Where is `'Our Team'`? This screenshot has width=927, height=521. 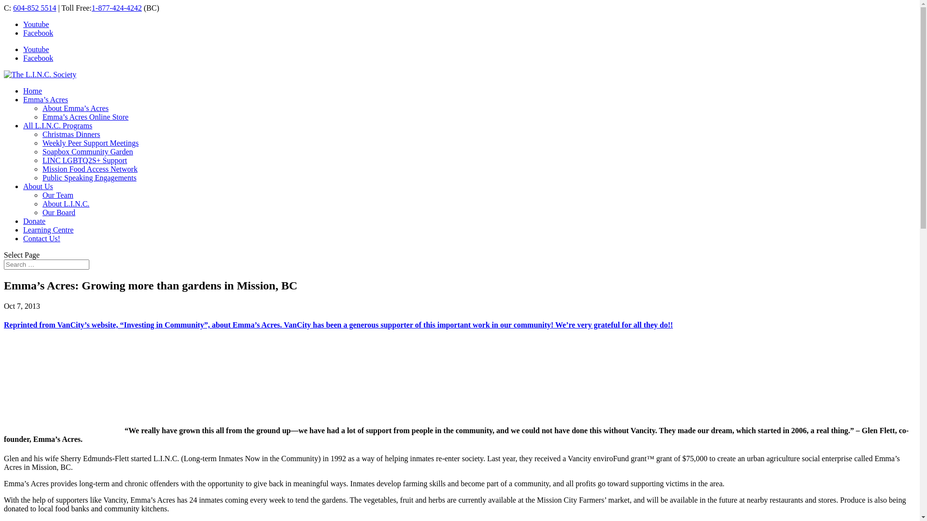
'Our Team' is located at coordinates (42, 195).